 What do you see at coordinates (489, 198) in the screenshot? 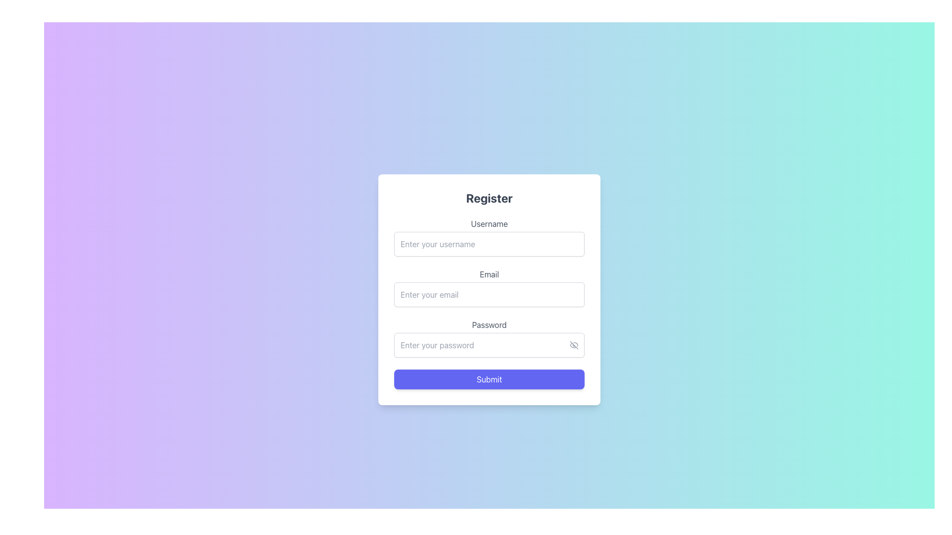
I see `the heading text element that indicates the registration form, located above the username input field` at bounding box center [489, 198].